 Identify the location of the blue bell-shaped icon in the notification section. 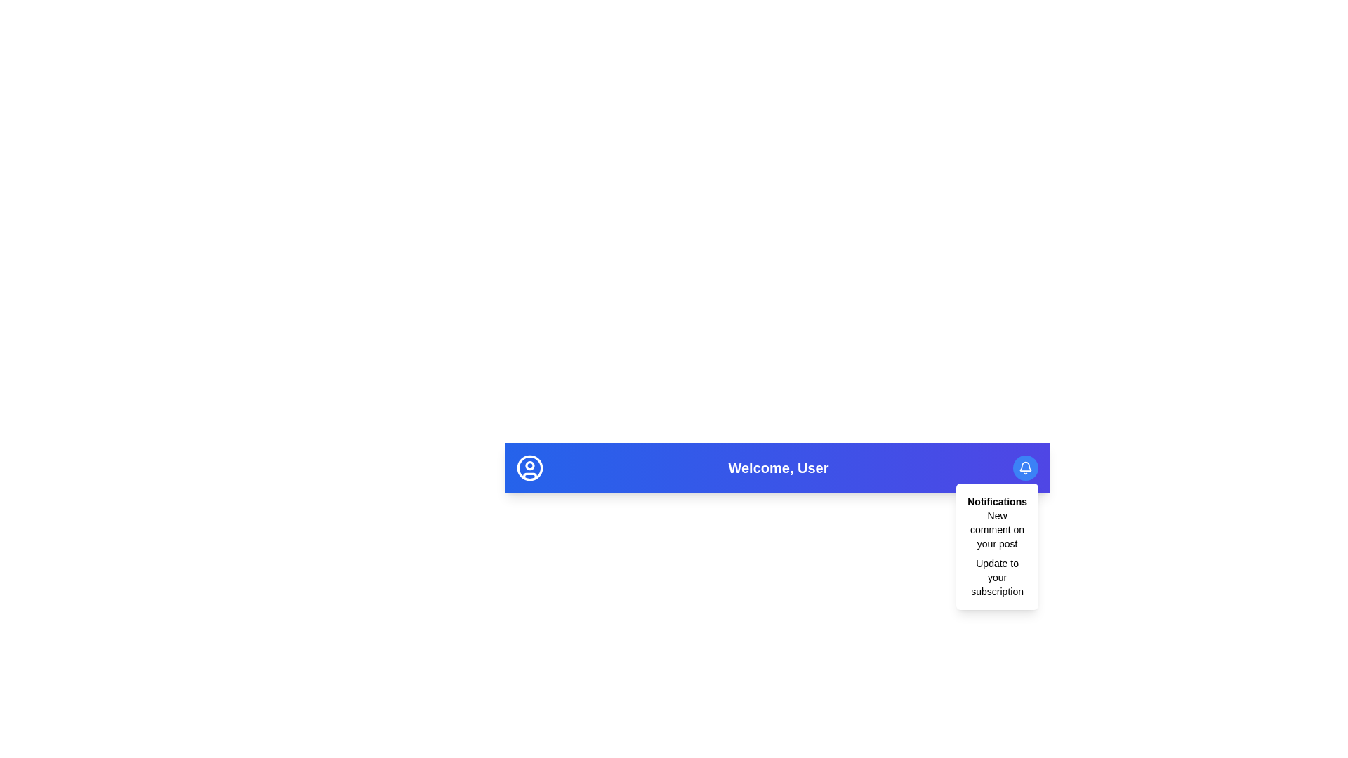
(1025, 466).